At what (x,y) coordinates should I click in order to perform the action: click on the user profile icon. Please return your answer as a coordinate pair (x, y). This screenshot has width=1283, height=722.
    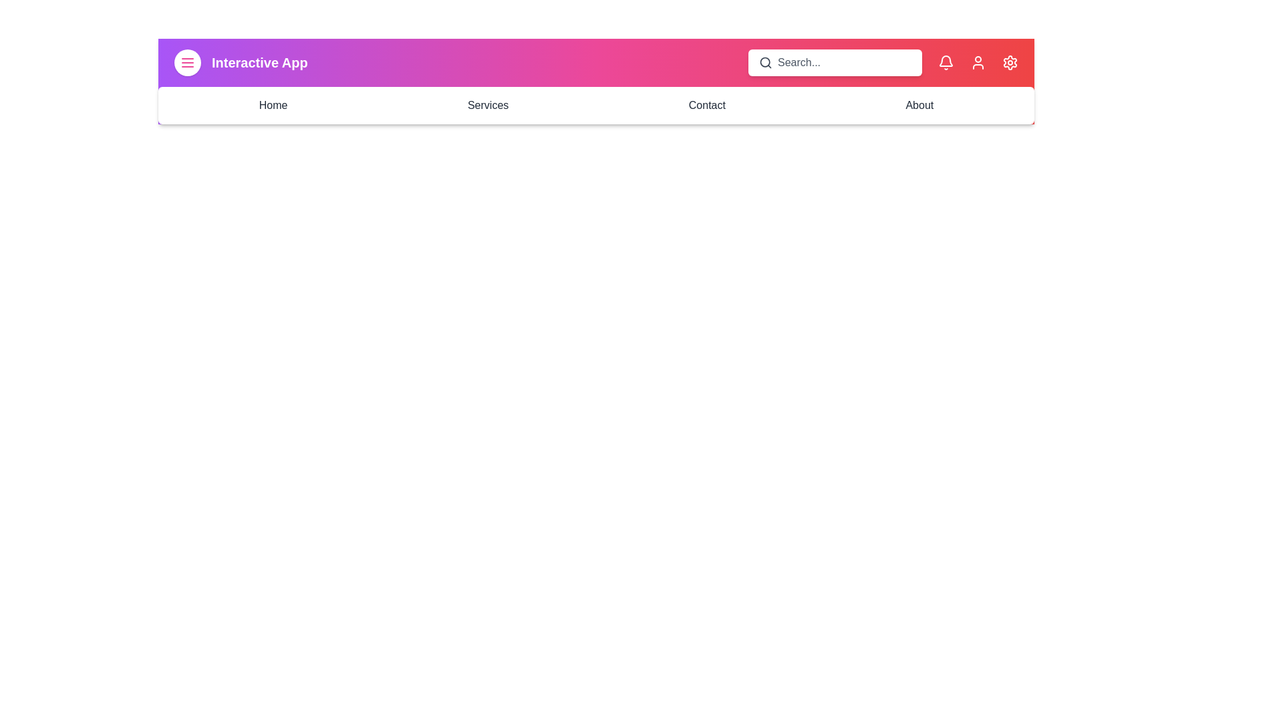
    Looking at the image, I should click on (978, 62).